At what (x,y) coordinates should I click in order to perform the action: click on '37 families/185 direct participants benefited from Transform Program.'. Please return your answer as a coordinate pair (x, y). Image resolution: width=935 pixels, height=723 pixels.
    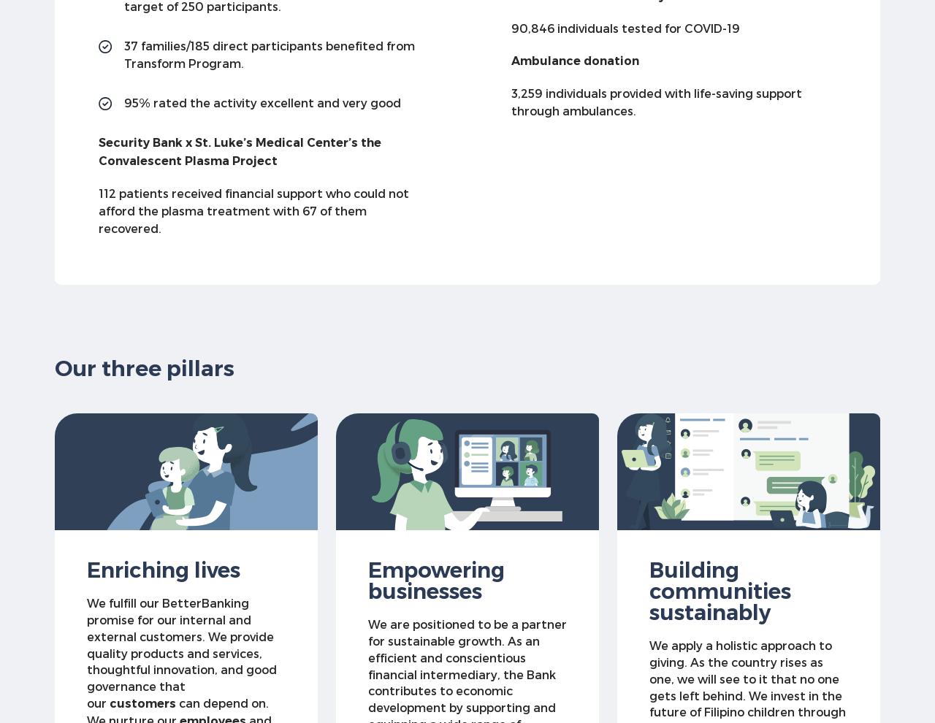
    Looking at the image, I should click on (270, 54).